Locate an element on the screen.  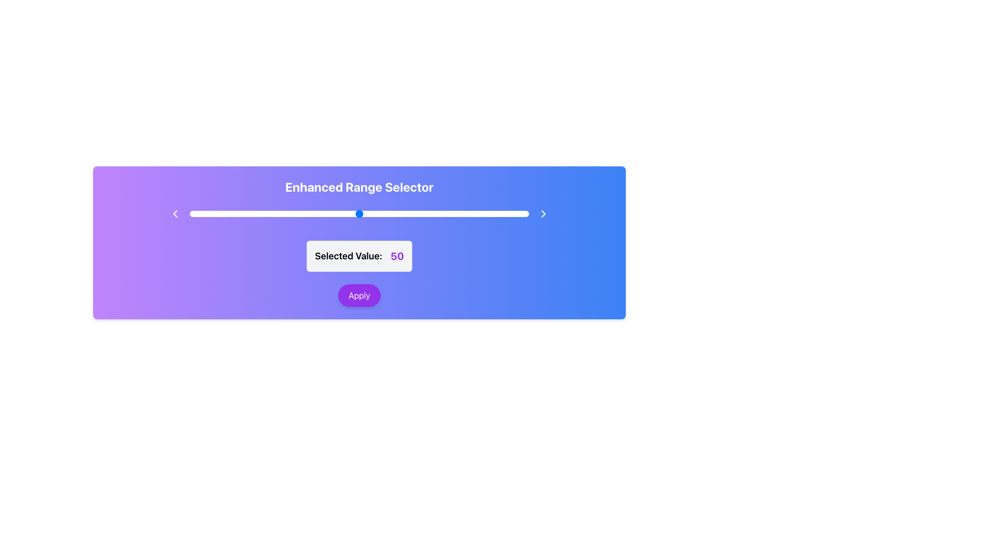
the slider is located at coordinates (325, 213).